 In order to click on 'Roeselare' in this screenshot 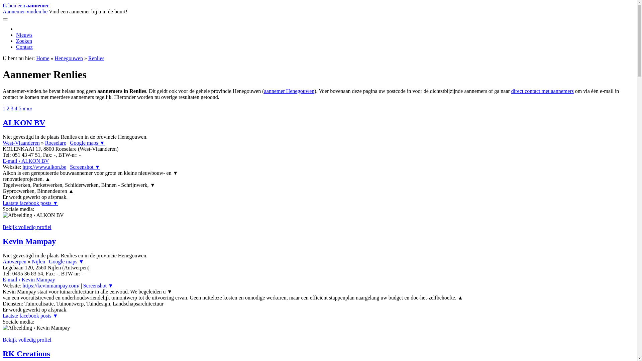, I will do `click(56, 142)`.